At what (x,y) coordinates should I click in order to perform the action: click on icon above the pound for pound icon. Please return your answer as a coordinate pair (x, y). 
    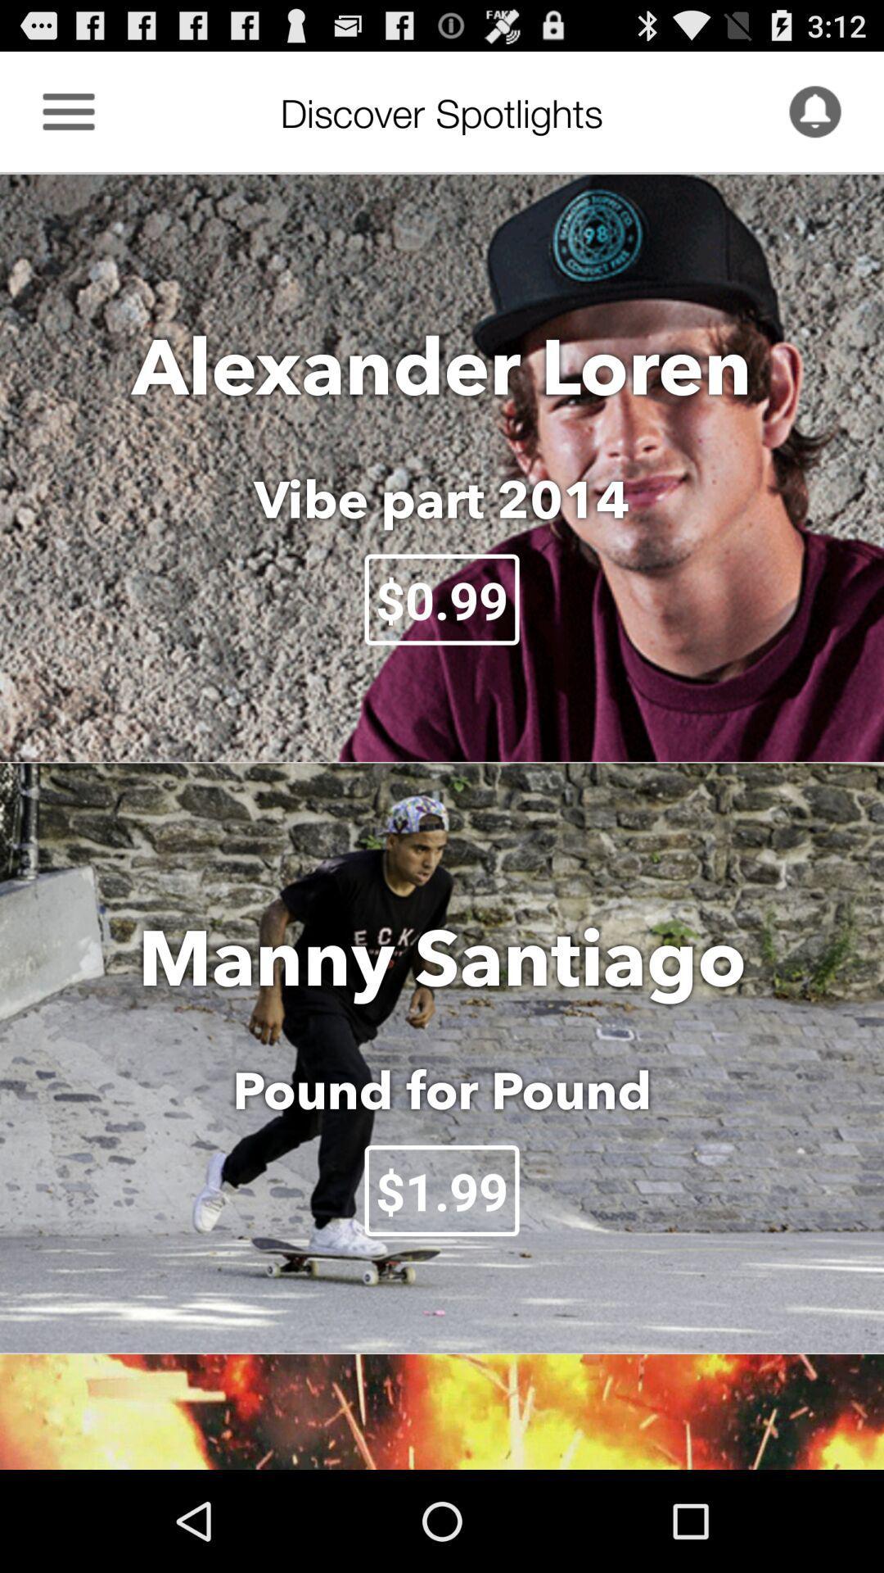
    Looking at the image, I should click on (442, 957).